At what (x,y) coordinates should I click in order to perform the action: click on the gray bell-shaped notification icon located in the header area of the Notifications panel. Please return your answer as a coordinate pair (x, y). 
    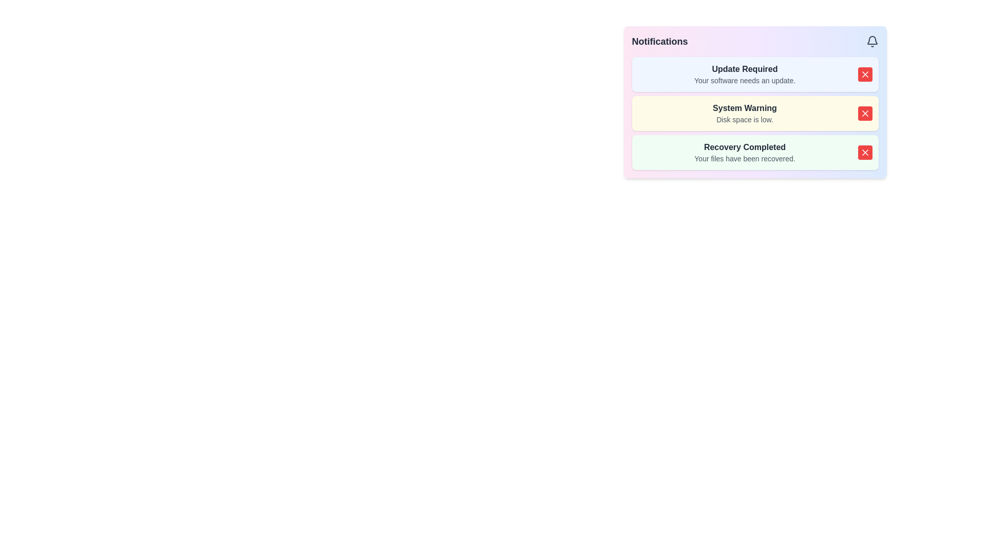
    Looking at the image, I should click on (871, 41).